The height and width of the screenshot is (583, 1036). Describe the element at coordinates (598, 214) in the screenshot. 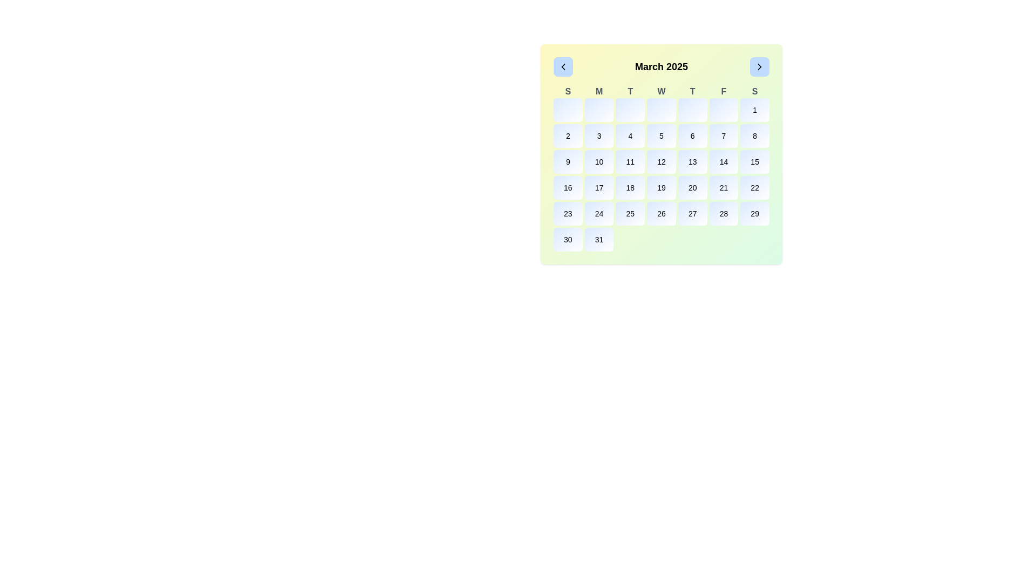

I see `the rounded rectangular button with a light blue to white gradient background containing the text '24' to interact with the specific date in the calendar grid` at that location.